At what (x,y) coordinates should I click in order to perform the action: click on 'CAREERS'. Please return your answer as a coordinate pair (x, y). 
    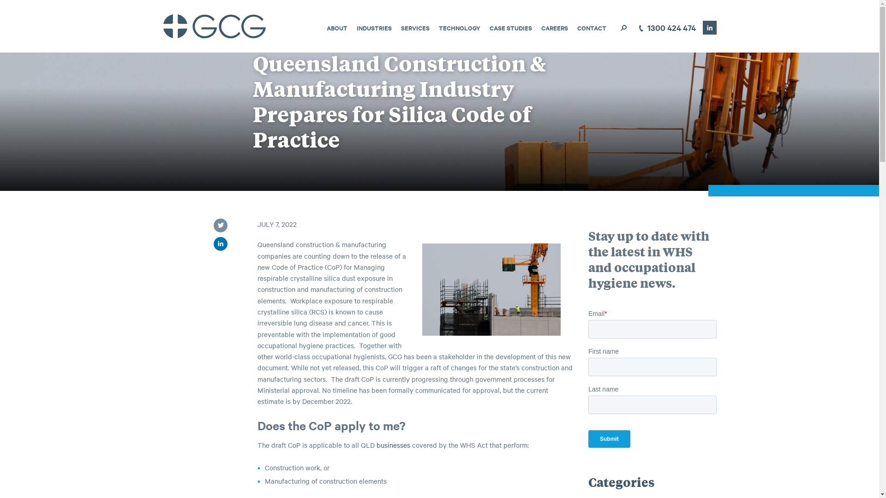
    Looking at the image, I should click on (554, 27).